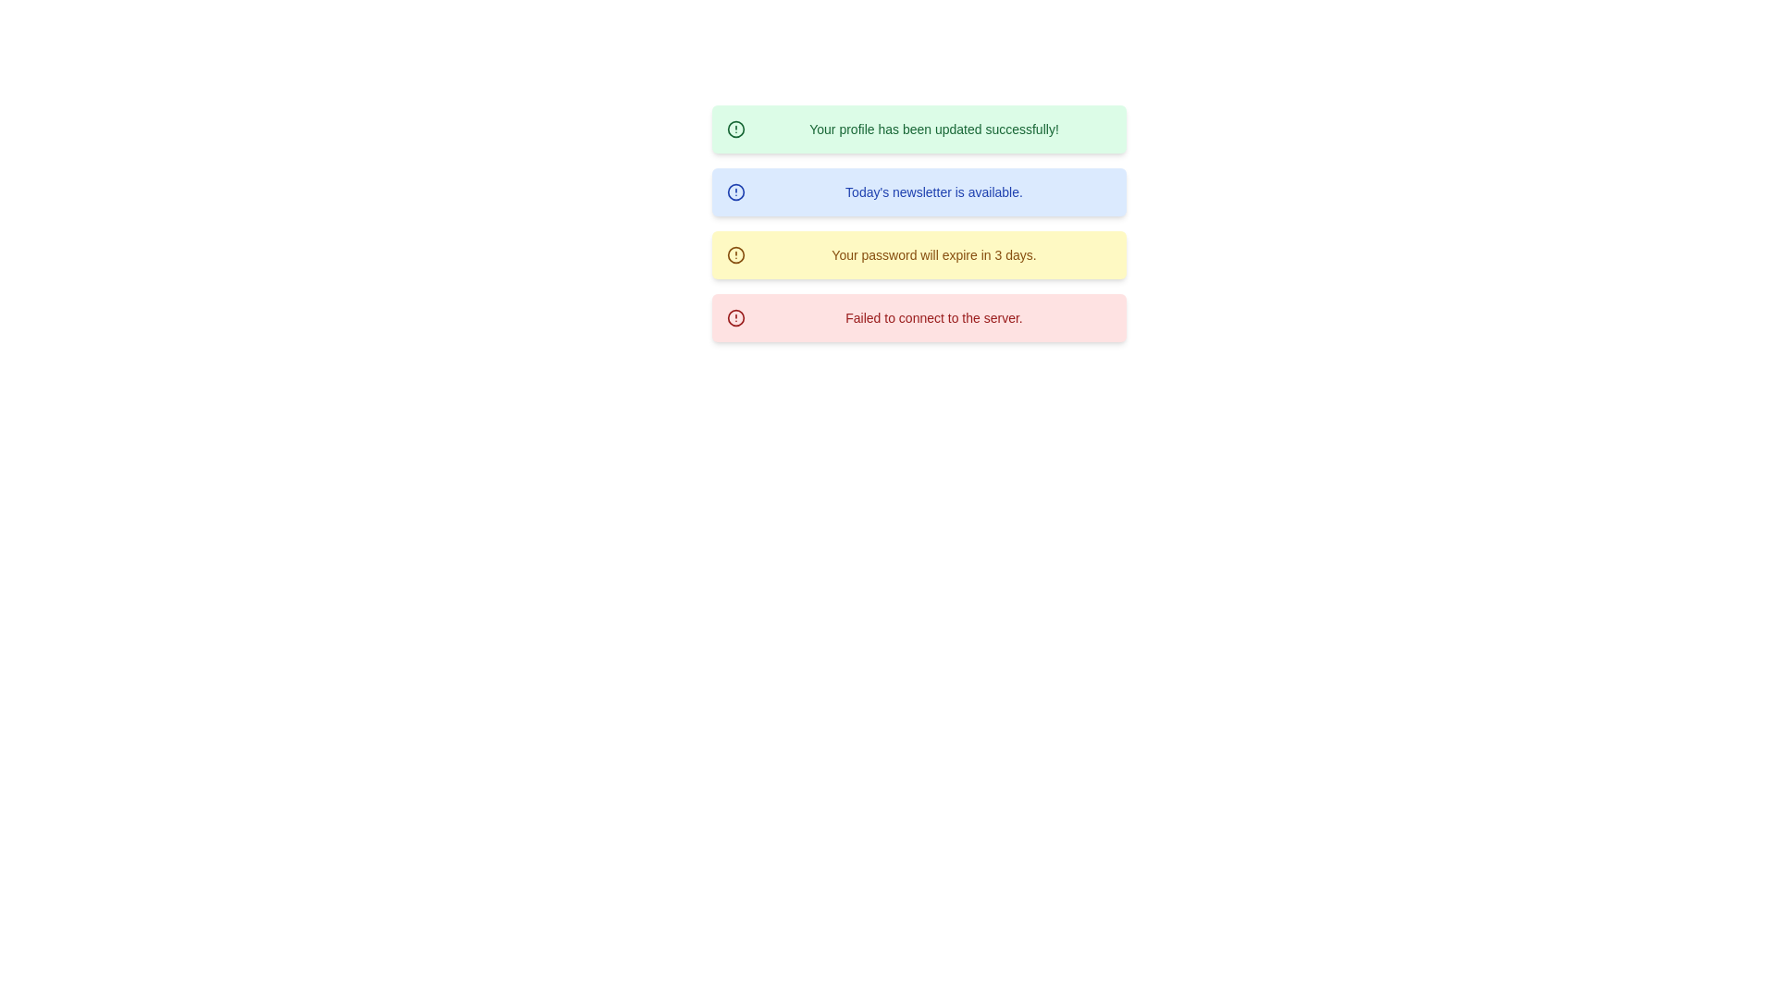 The height and width of the screenshot is (999, 1776). What do you see at coordinates (735, 316) in the screenshot?
I see `the alert icon positioned at the far left of the red message box indicating 'Failed to connect to the server.'` at bounding box center [735, 316].